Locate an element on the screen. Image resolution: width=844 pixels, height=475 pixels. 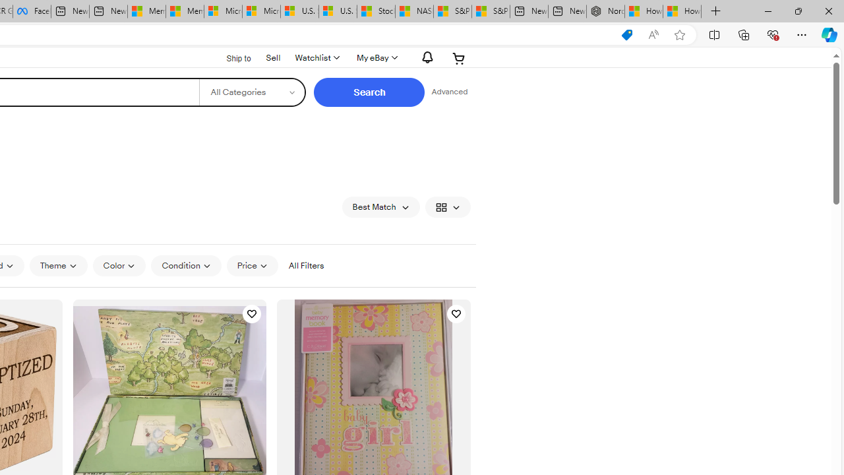
'My eBay' is located at coordinates (375, 57).